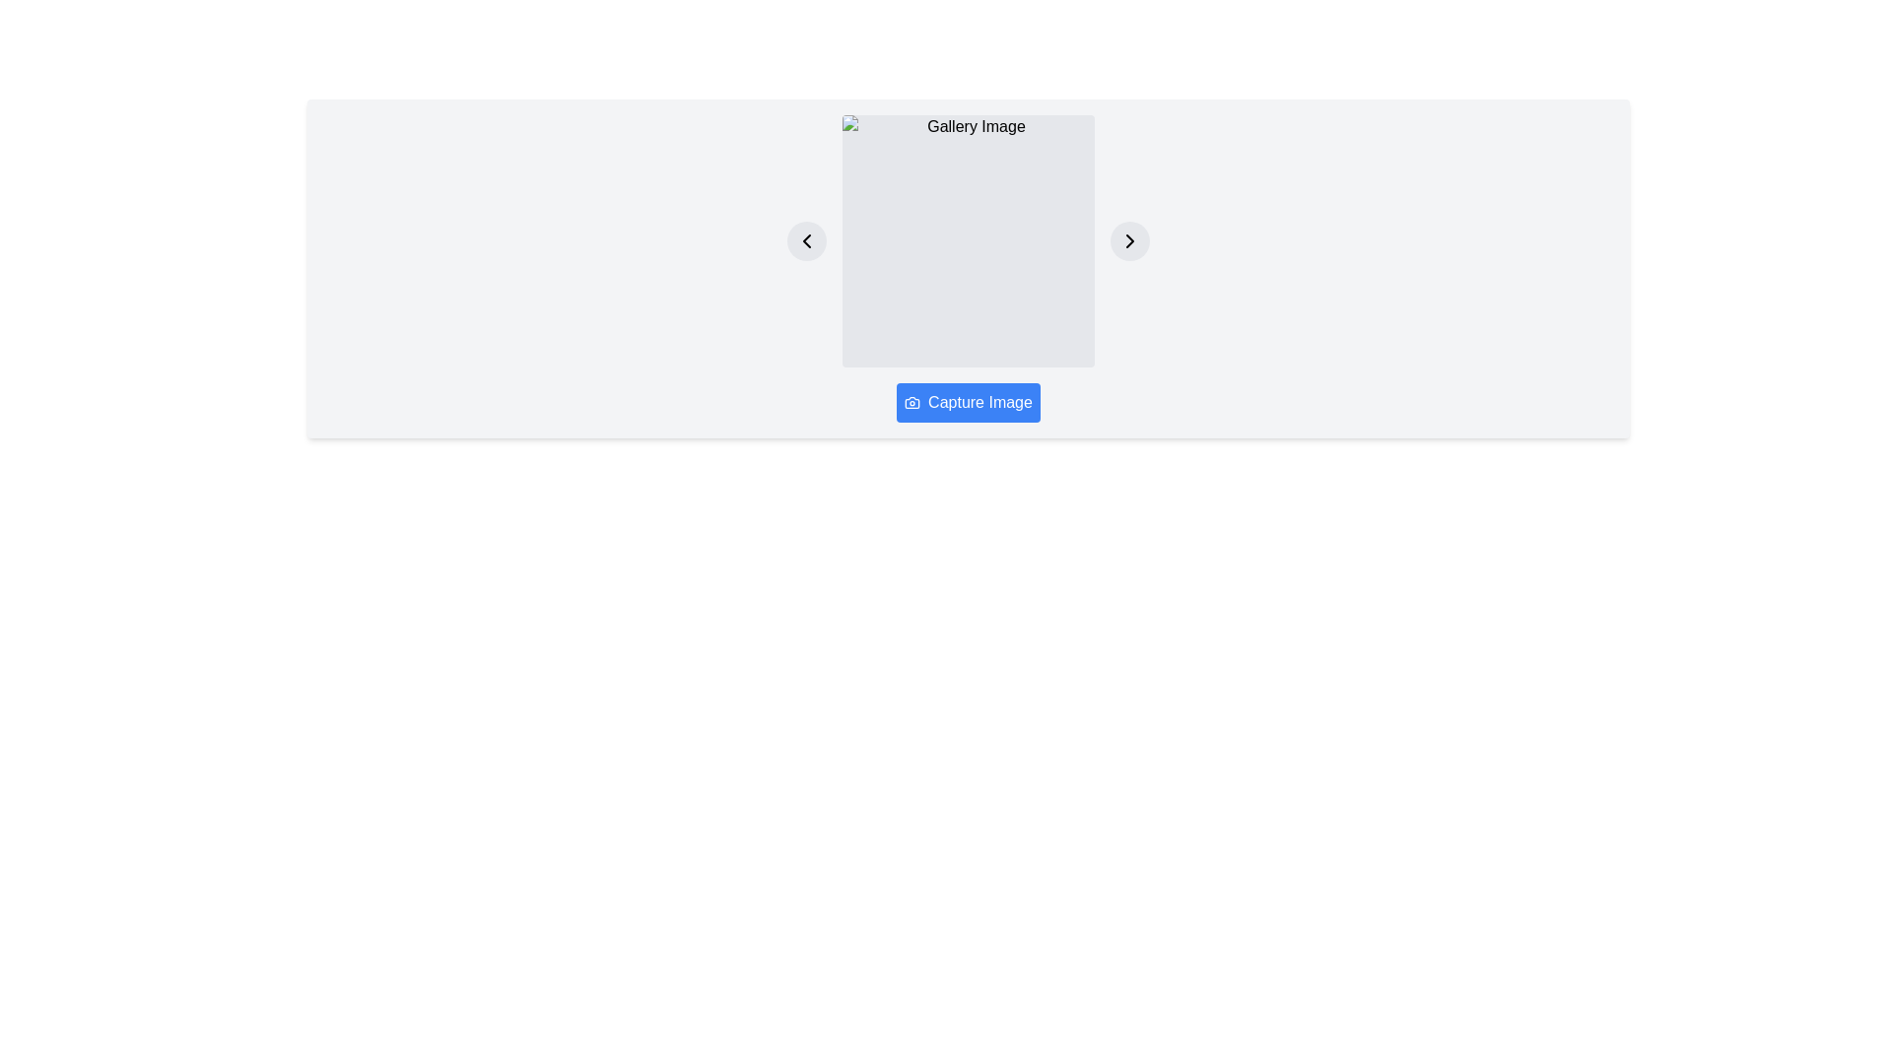 This screenshot has width=1892, height=1064. I want to click on the circular button containing the left-facing chevron icon, which is styled with a thin black stroke and a light gray background, so click(807, 240).